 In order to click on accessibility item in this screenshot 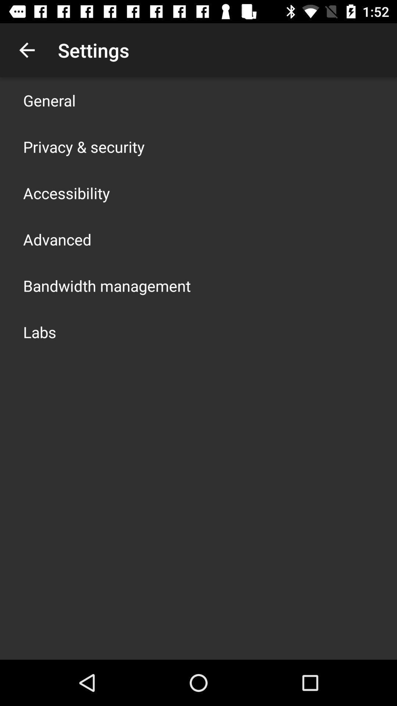, I will do `click(67, 193)`.